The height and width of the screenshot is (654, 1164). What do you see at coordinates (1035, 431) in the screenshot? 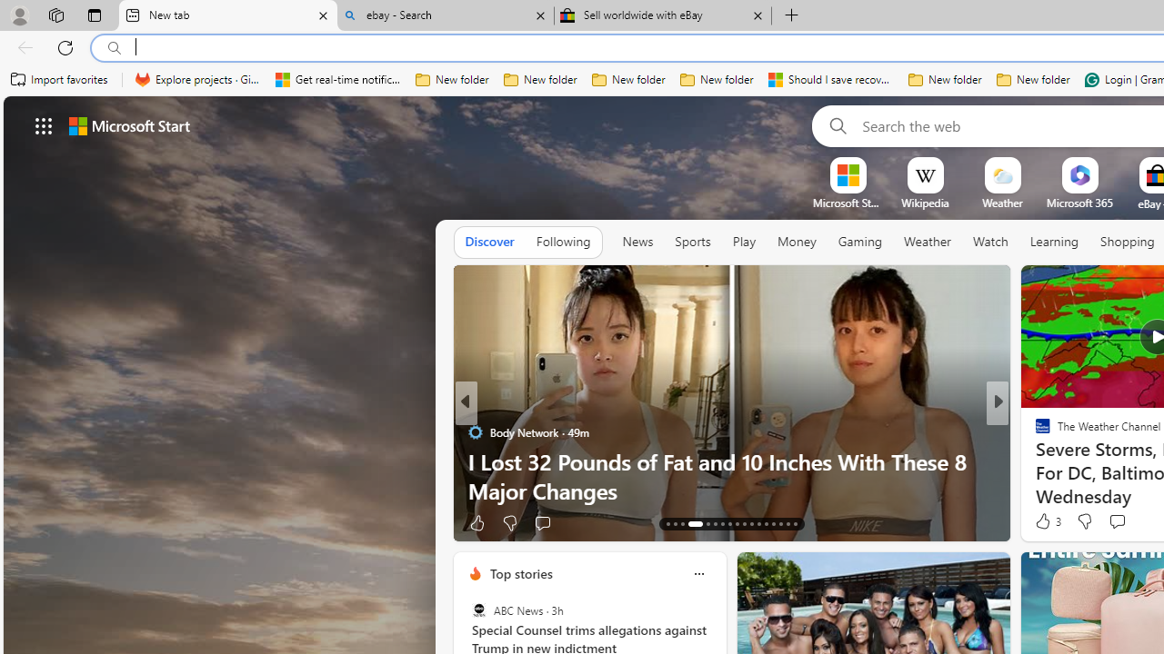
I see `'ETNT Mind+Body'` at bounding box center [1035, 431].